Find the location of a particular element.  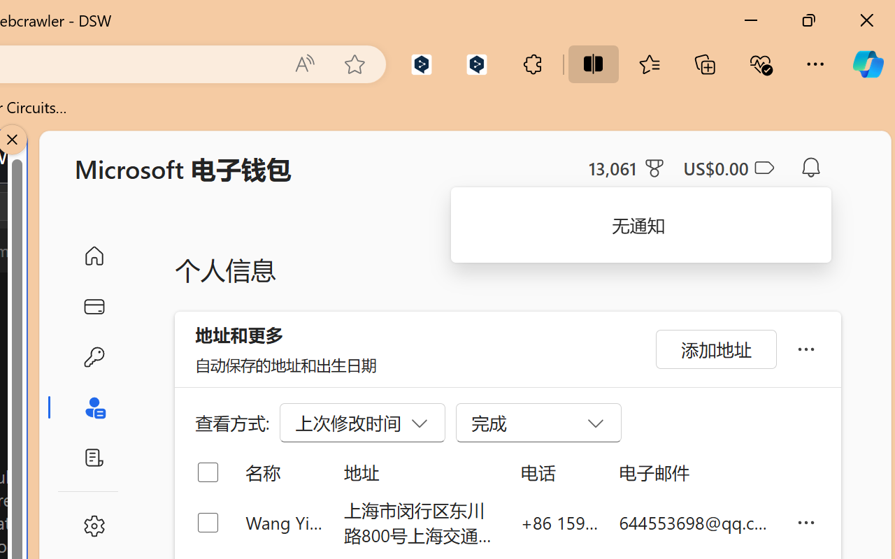

'Microsoft Cashback - US$0.00' is located at coordinates (727, 167).